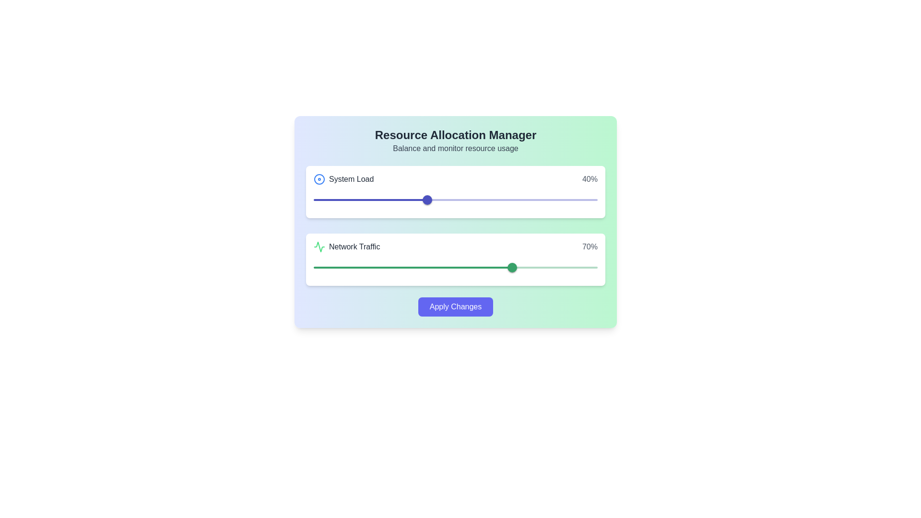 The width and height of the screenshot is (921, 518). Describe the element at coordinates (397, 199) in the screenshot. I see `the slider` at that location.